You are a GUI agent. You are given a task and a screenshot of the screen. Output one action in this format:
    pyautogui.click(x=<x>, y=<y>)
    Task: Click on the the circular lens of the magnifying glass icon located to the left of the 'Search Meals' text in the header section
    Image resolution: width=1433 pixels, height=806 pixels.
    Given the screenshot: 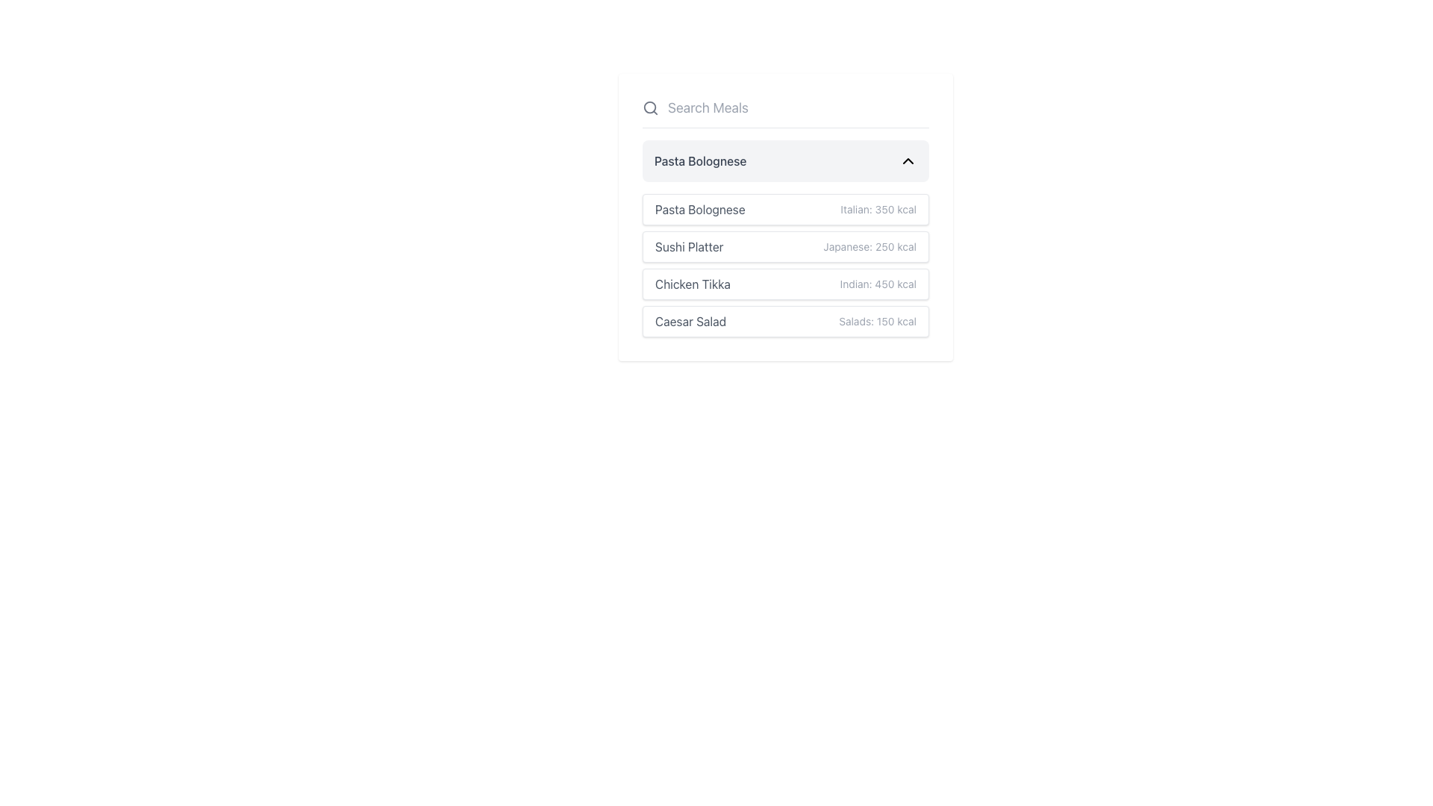 What is the action you would take?
    pyautogui.click(x=650, y=107)
    